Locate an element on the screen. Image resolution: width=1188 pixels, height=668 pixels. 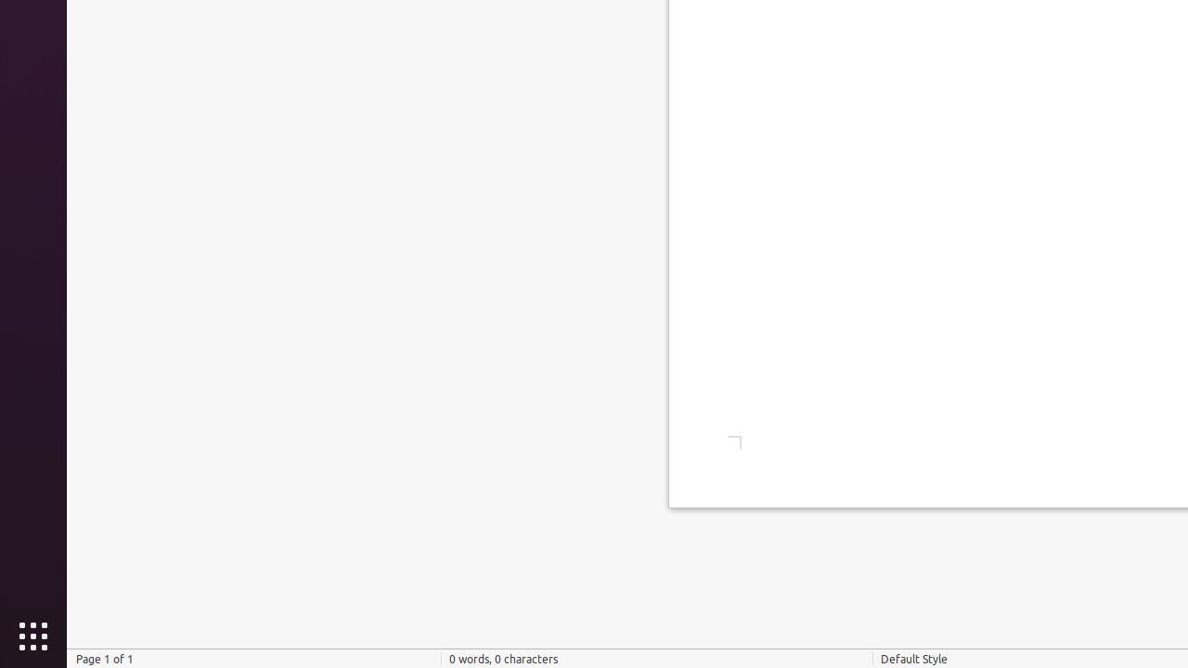
'Show Applications' is located at coordinates (32, 636).